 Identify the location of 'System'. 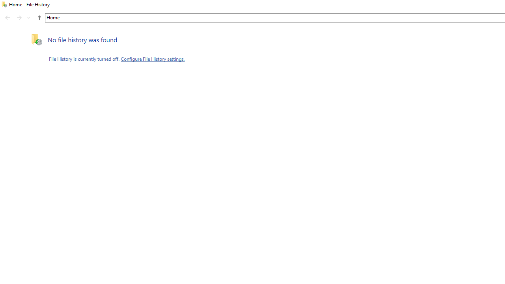
(4, 4).